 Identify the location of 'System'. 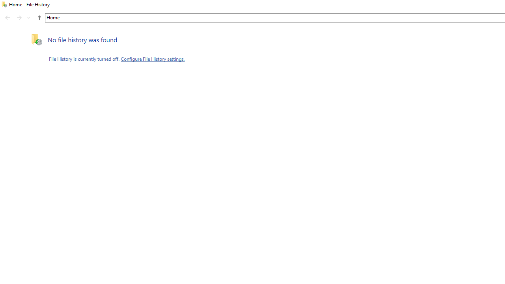
(4, 4).